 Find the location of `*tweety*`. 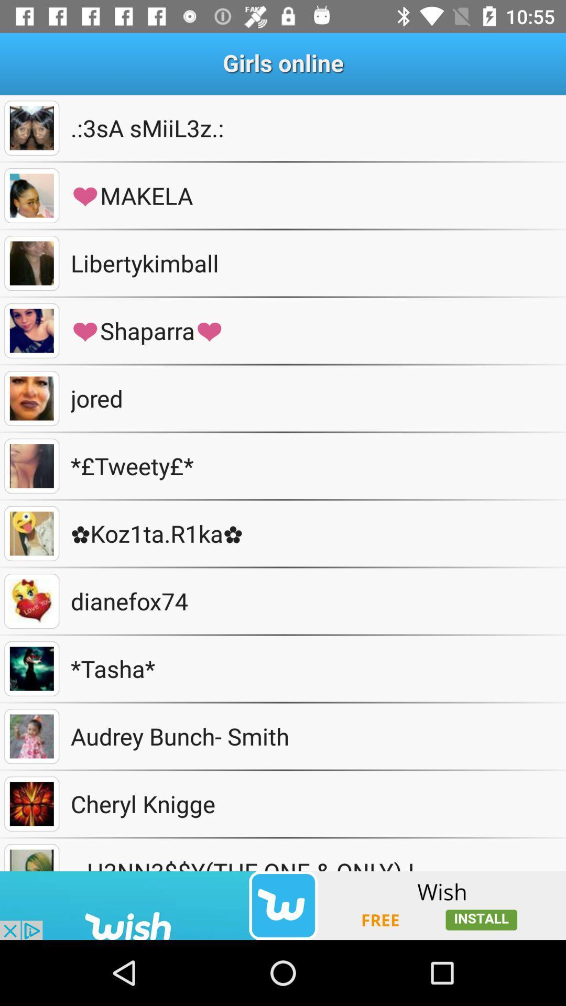

*tweety* is located at coordinates (31, 465).